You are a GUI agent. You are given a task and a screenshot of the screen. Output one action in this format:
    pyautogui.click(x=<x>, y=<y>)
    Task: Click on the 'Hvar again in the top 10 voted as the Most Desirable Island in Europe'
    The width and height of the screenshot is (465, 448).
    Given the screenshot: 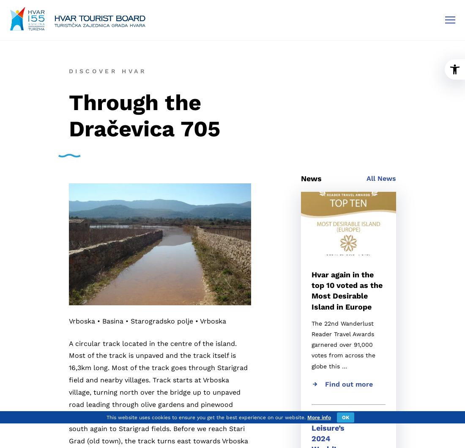 What is the action you would take?
    pyautogui.click(x=347, y=290)
    